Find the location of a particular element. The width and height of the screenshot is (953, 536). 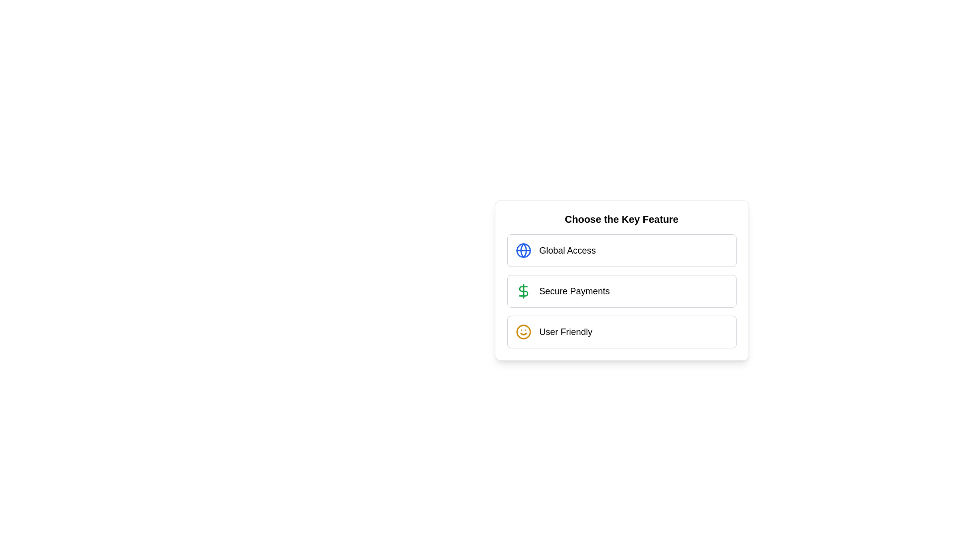

the third button labeled 'User Friendly' in the selection menu under the 'Choose the Key Feature' section is located at coordinates (621, 332).